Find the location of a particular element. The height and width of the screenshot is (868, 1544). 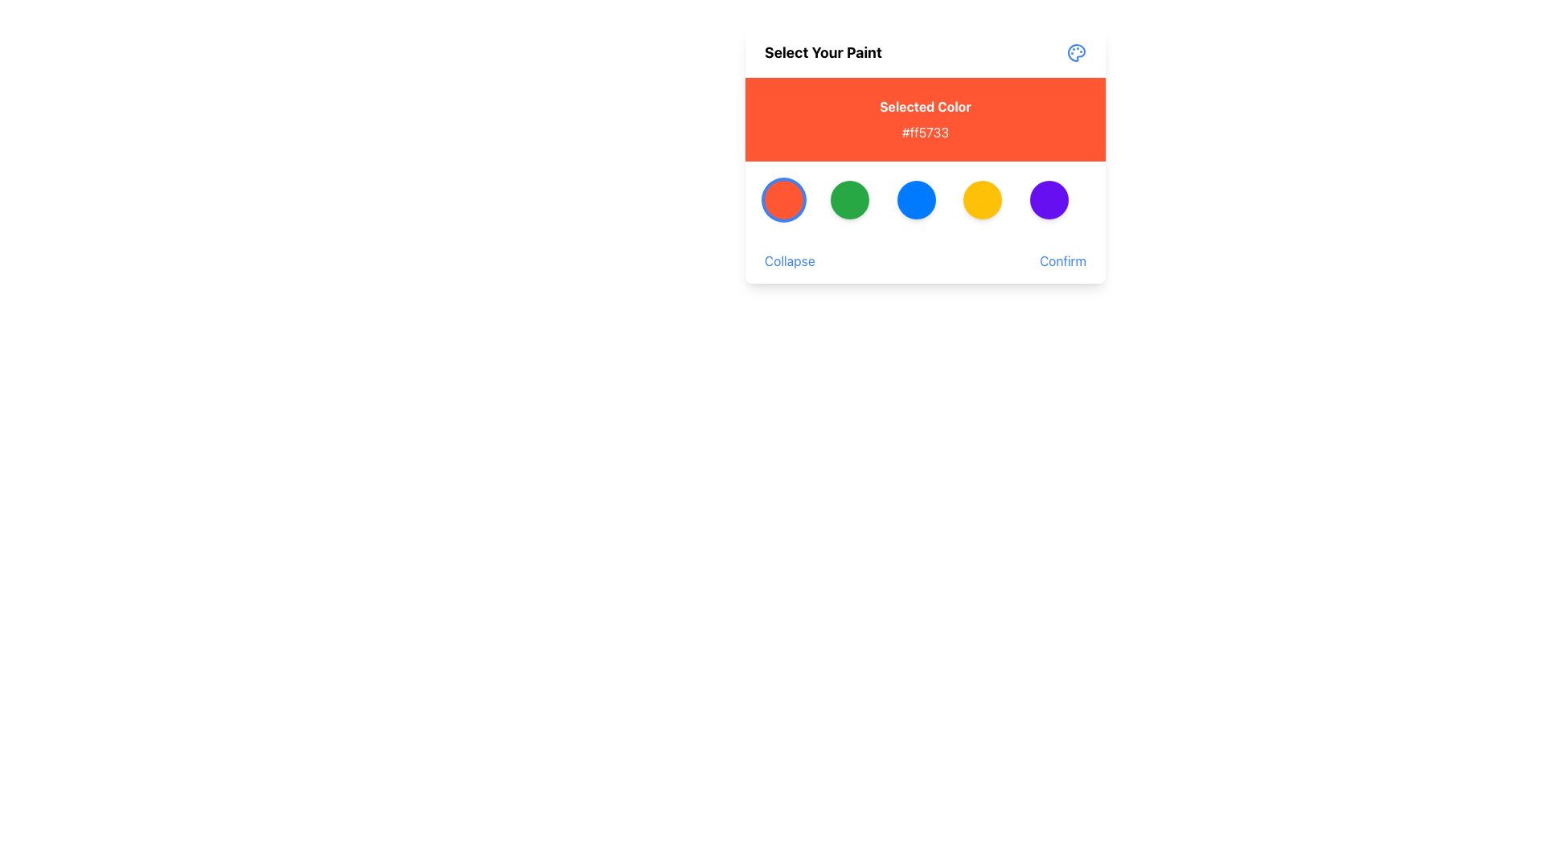

the fifth circular purple button in a row of five is located at coordinates (1049, 199).